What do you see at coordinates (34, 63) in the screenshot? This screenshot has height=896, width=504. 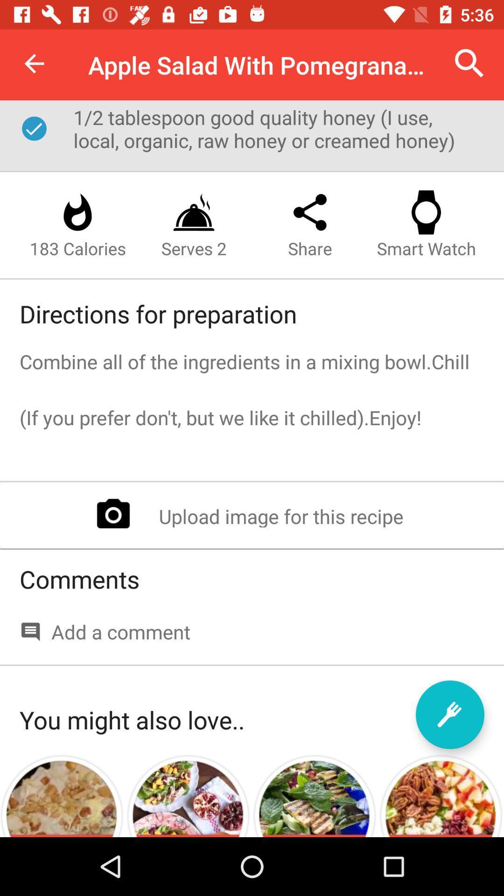 I see `item to the left of the apple salad with` at bounding box center [34, 63].